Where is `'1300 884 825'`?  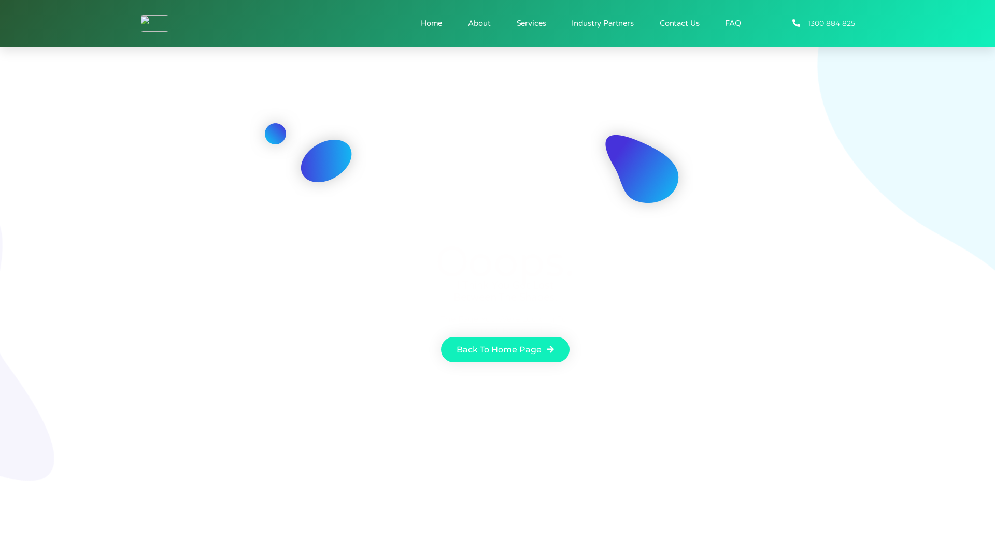 '1300 884 825' is located at coordinates (805, 23).